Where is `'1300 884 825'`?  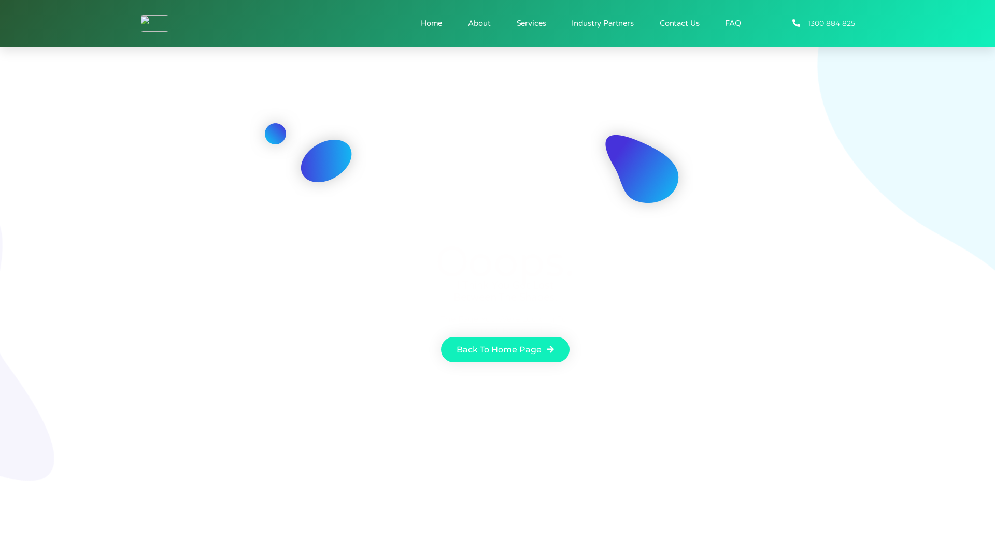 '1300 884 825' is located at coordinates (805, 23).